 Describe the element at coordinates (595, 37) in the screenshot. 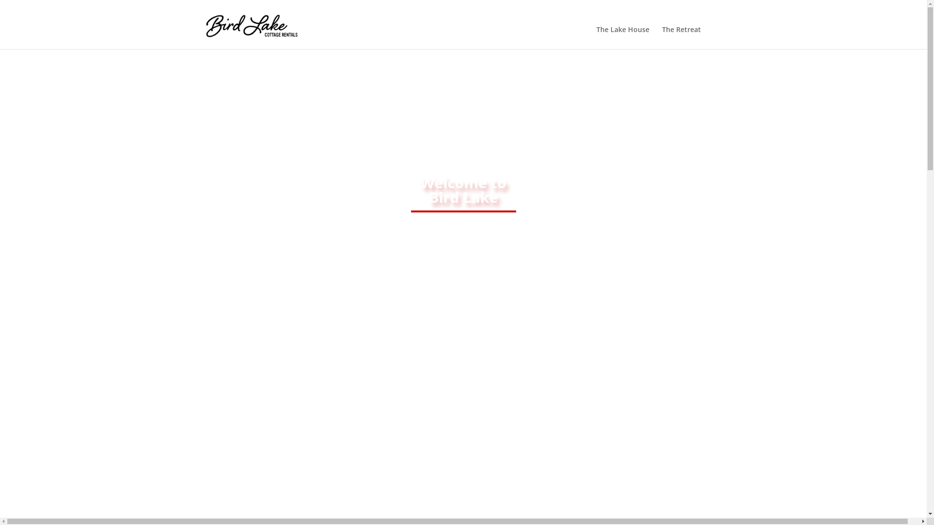

I see `'The Lake House'` at that location.